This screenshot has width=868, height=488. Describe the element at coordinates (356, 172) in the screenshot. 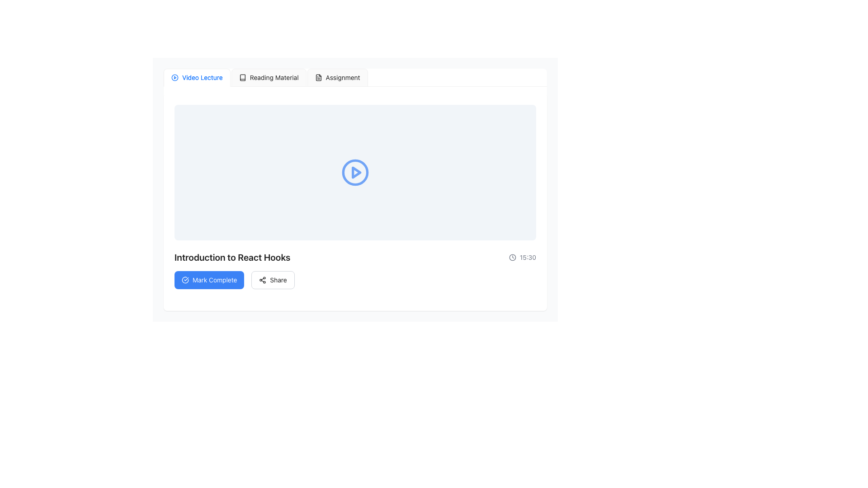

I see `the blue triangular play icon located at the center of the play button in the grey rectangular video player section` at that location.